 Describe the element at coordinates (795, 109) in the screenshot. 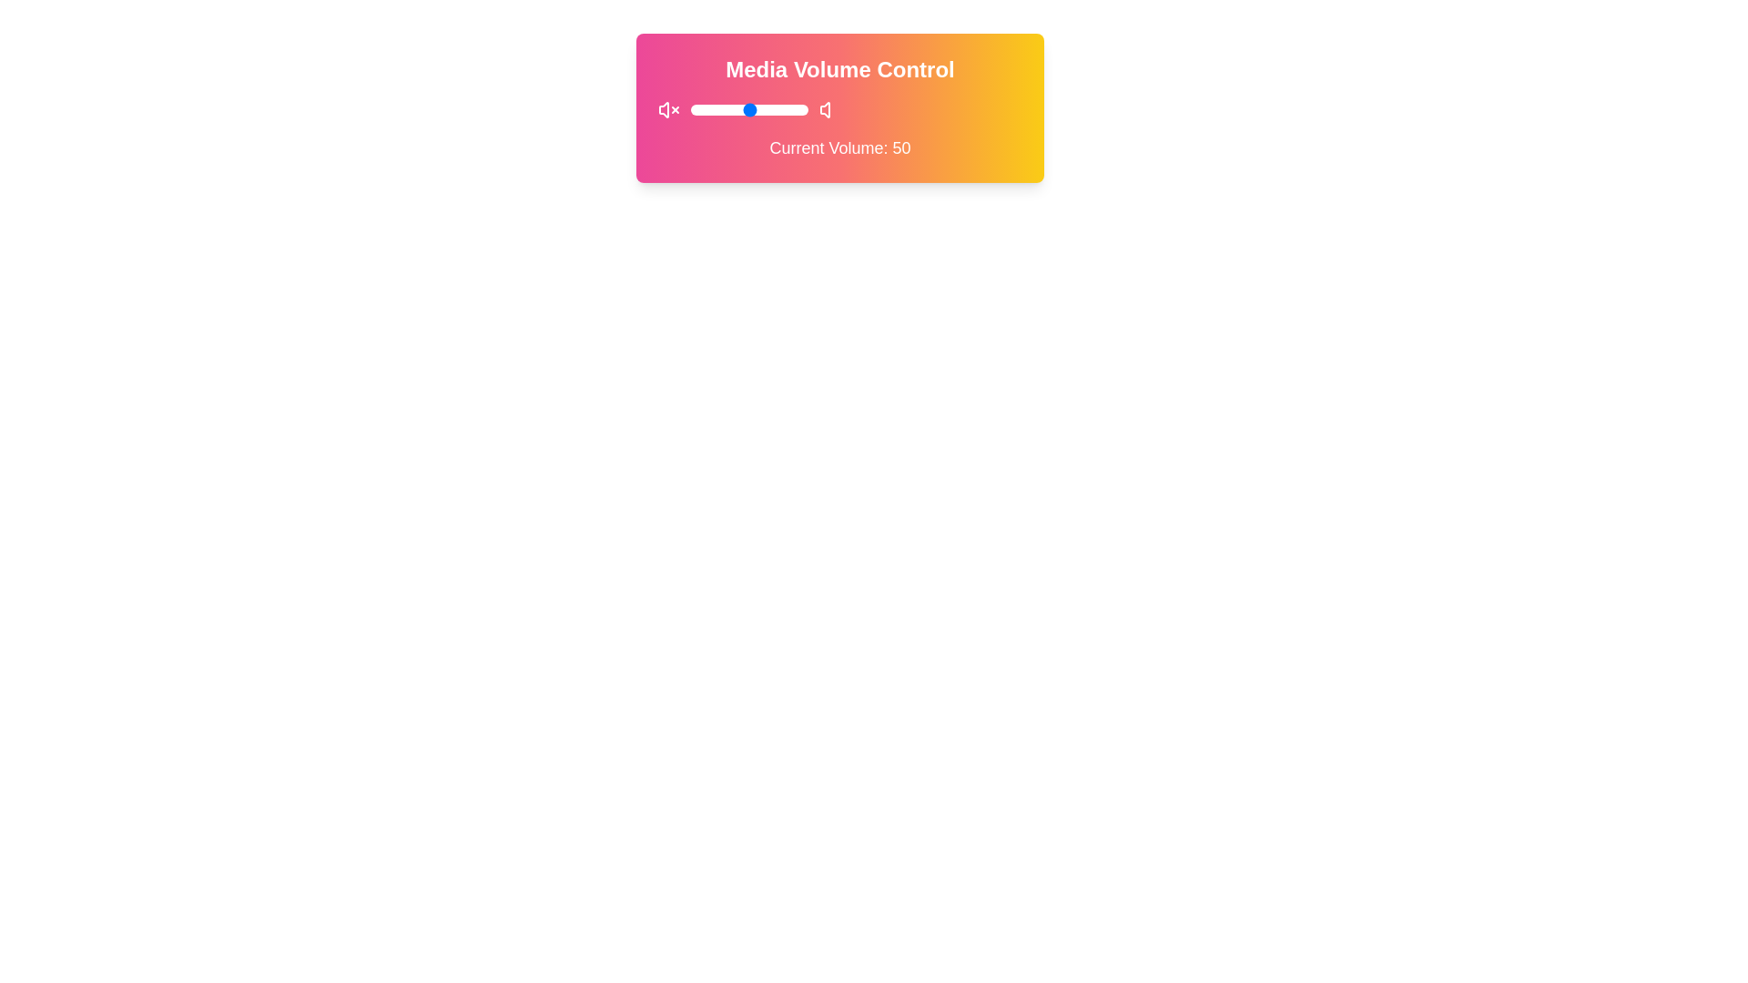

I see `the volume to 89 by sliding the control` at that location.